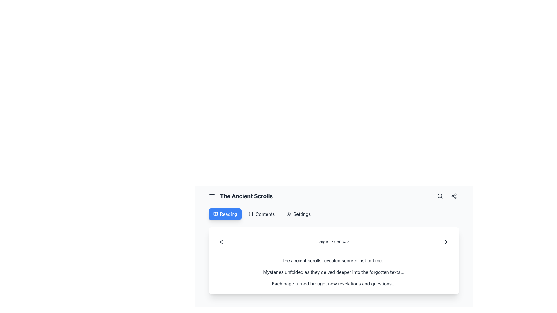  Describe the element at coordinates (246, 196) in the screenshot. I see `the prominently styled text label reading 'The Ancient Scrolls', which is located at the top of the interface within the navigation header` at that location.